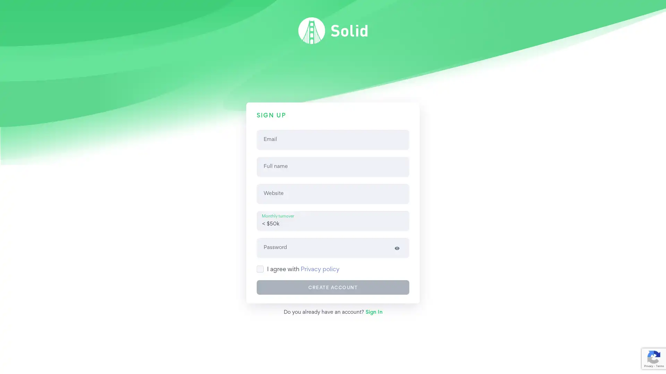 This screenshot has height=374, width=666. Describe the element at coordinates (657, 354) in the screenshot. I see `consent-close-icon` at that location.